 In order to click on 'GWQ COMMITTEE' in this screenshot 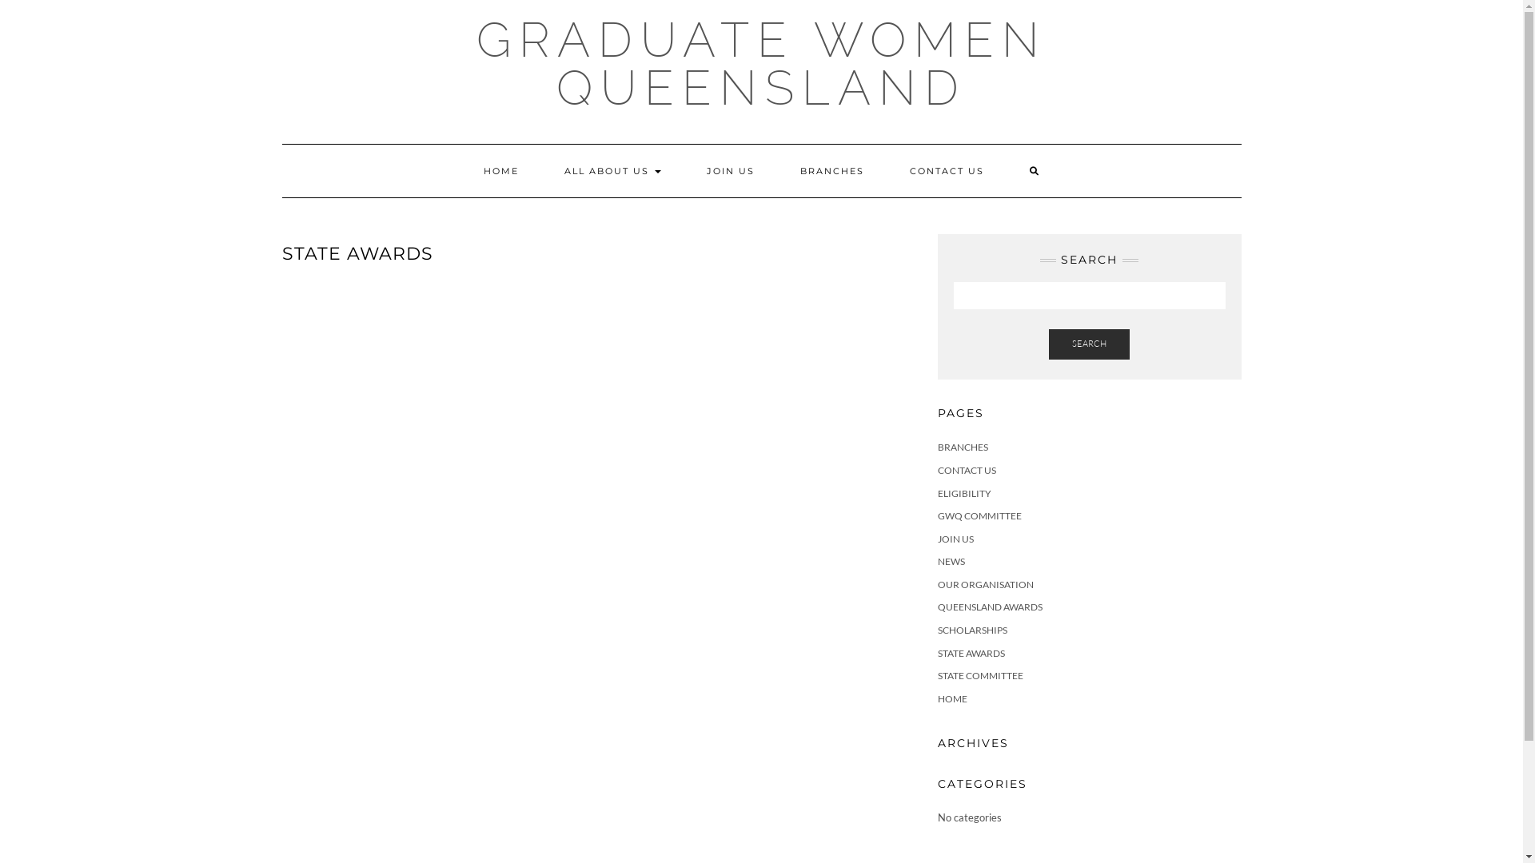, I will do `click(978, 515)`.